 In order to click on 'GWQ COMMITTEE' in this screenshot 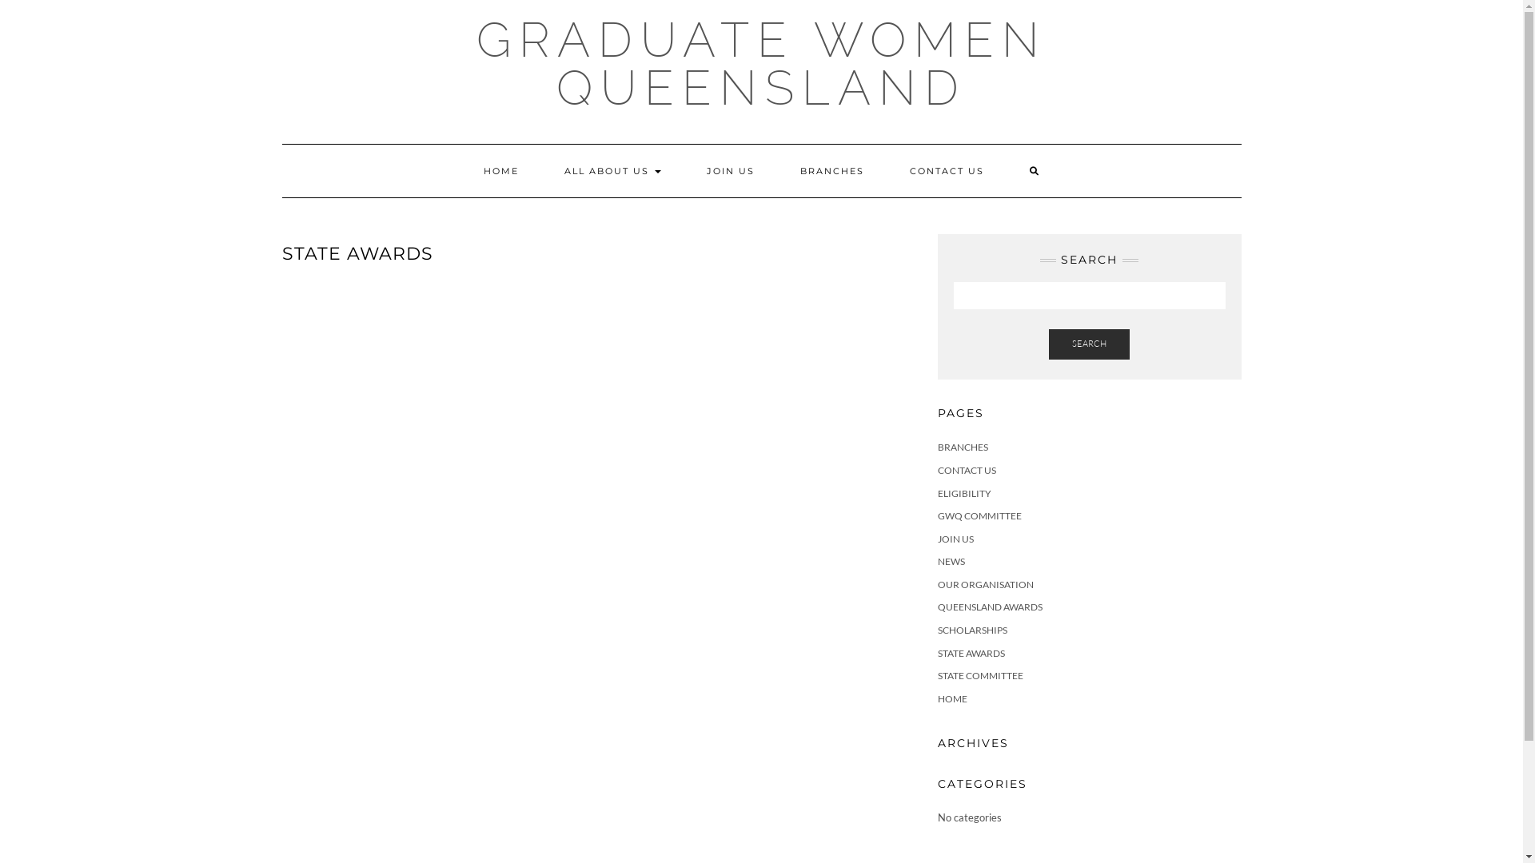, I will do `click(978, 515)`.